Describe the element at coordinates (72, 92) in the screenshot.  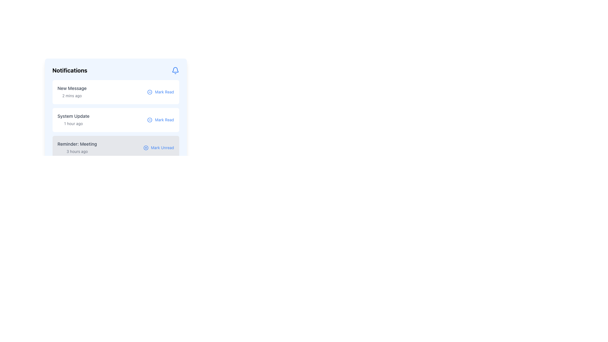
I see `informational text block displaying 'New Message' and '2 mins ago' located in the first notification card's left-aligned text area` at that location.